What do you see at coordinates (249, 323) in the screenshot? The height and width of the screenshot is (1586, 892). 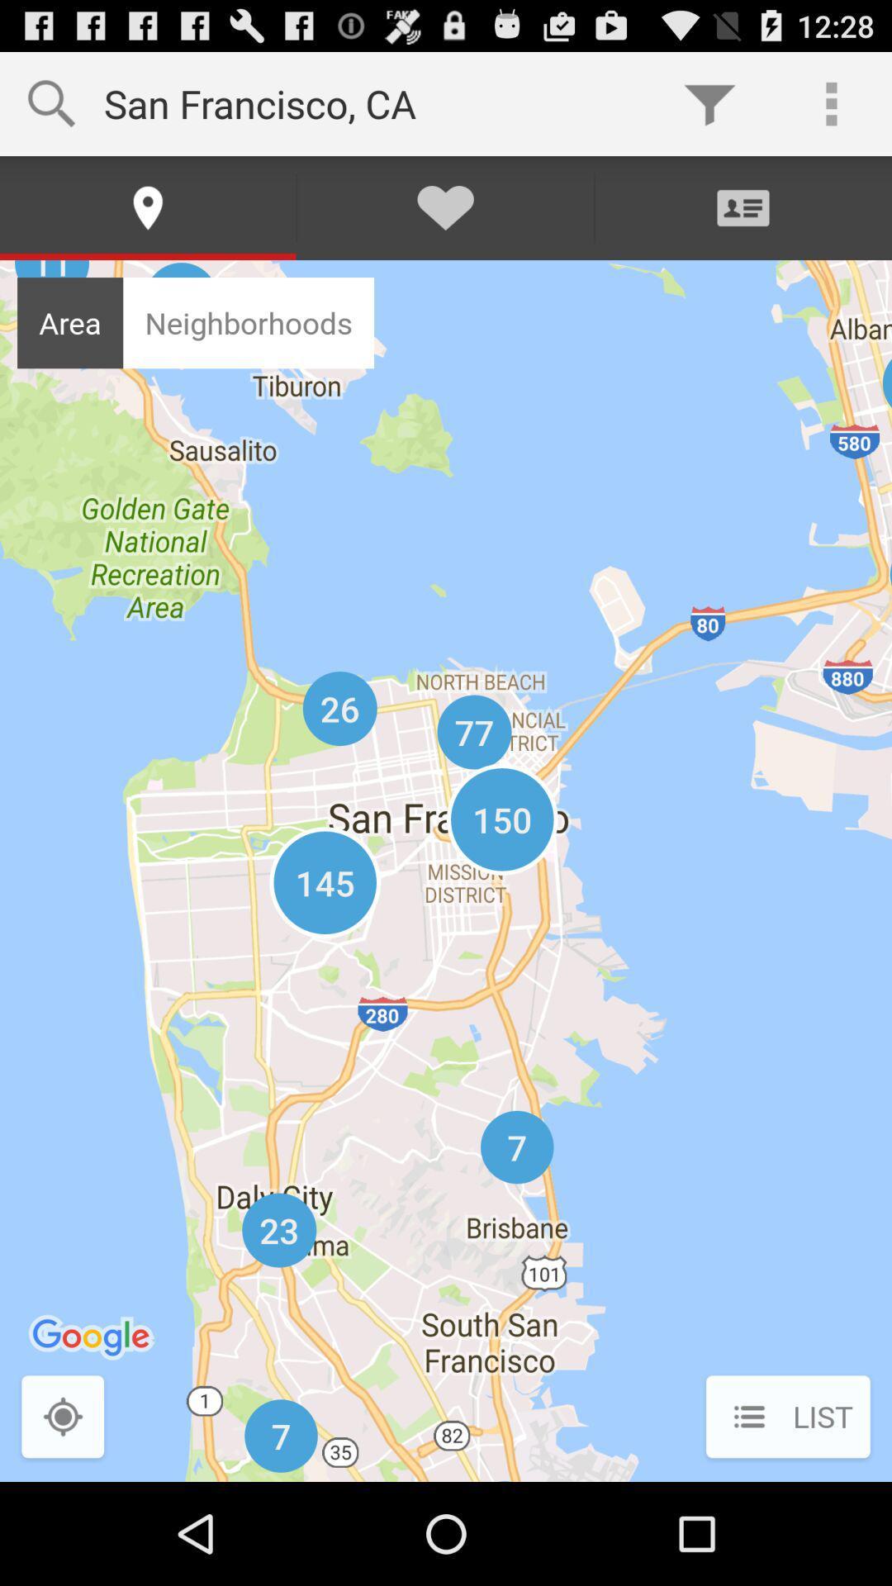 I see `the item next to the area` at bounding box center [249, 323].